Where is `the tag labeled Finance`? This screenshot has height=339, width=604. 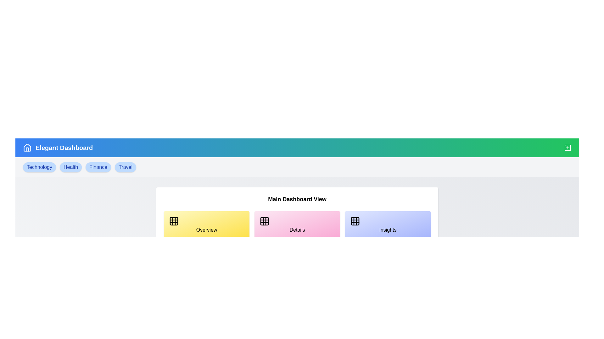 the tag labeled Finance is located at coordinates (98, 167).